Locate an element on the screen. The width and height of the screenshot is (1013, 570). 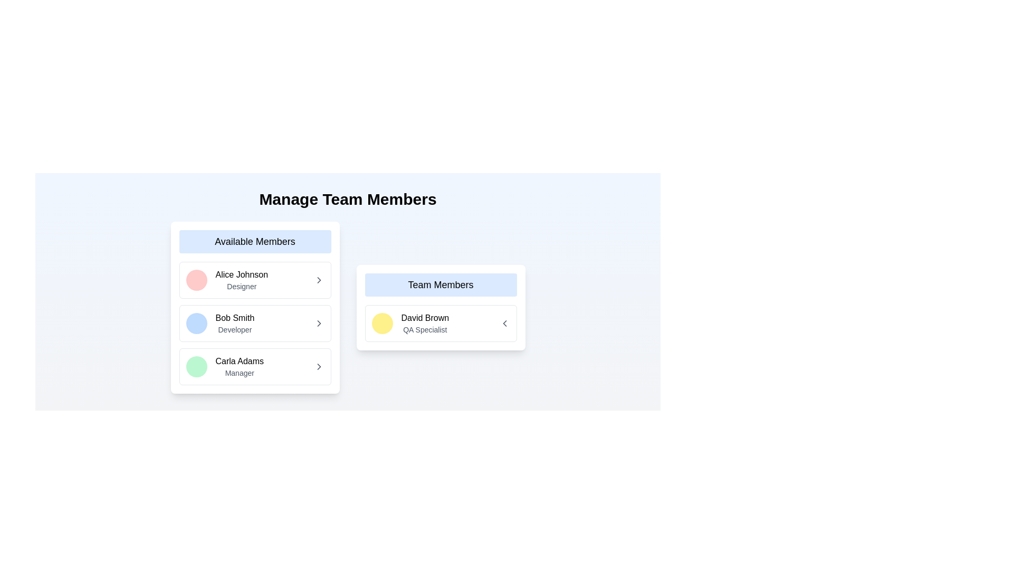
to select the team member 'David Brown' from the list item featuring a yellow avatar and text information in the 'Team Members' section is located at coordinates (409, 323).